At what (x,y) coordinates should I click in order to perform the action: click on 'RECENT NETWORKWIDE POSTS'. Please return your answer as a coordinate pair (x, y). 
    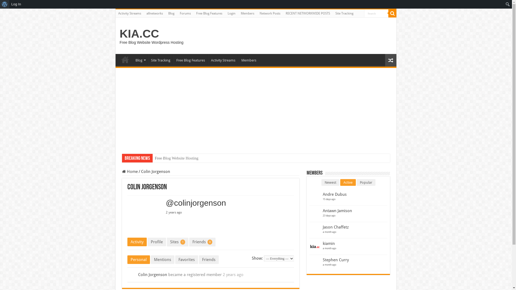
    Looking at the image, I should click on (308, 13).